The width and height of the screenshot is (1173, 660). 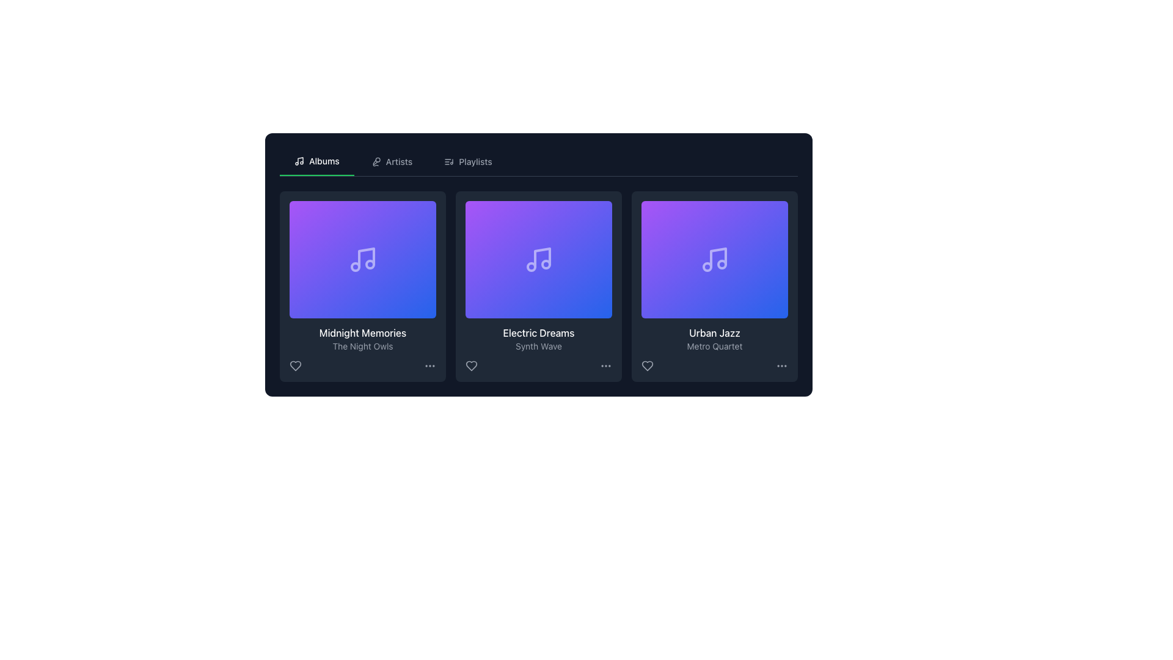 I want to click on the heart-shaped icon in the 'Urban Jazz' content card to favorite or unfavorite the item, so click(x=647, y=365).